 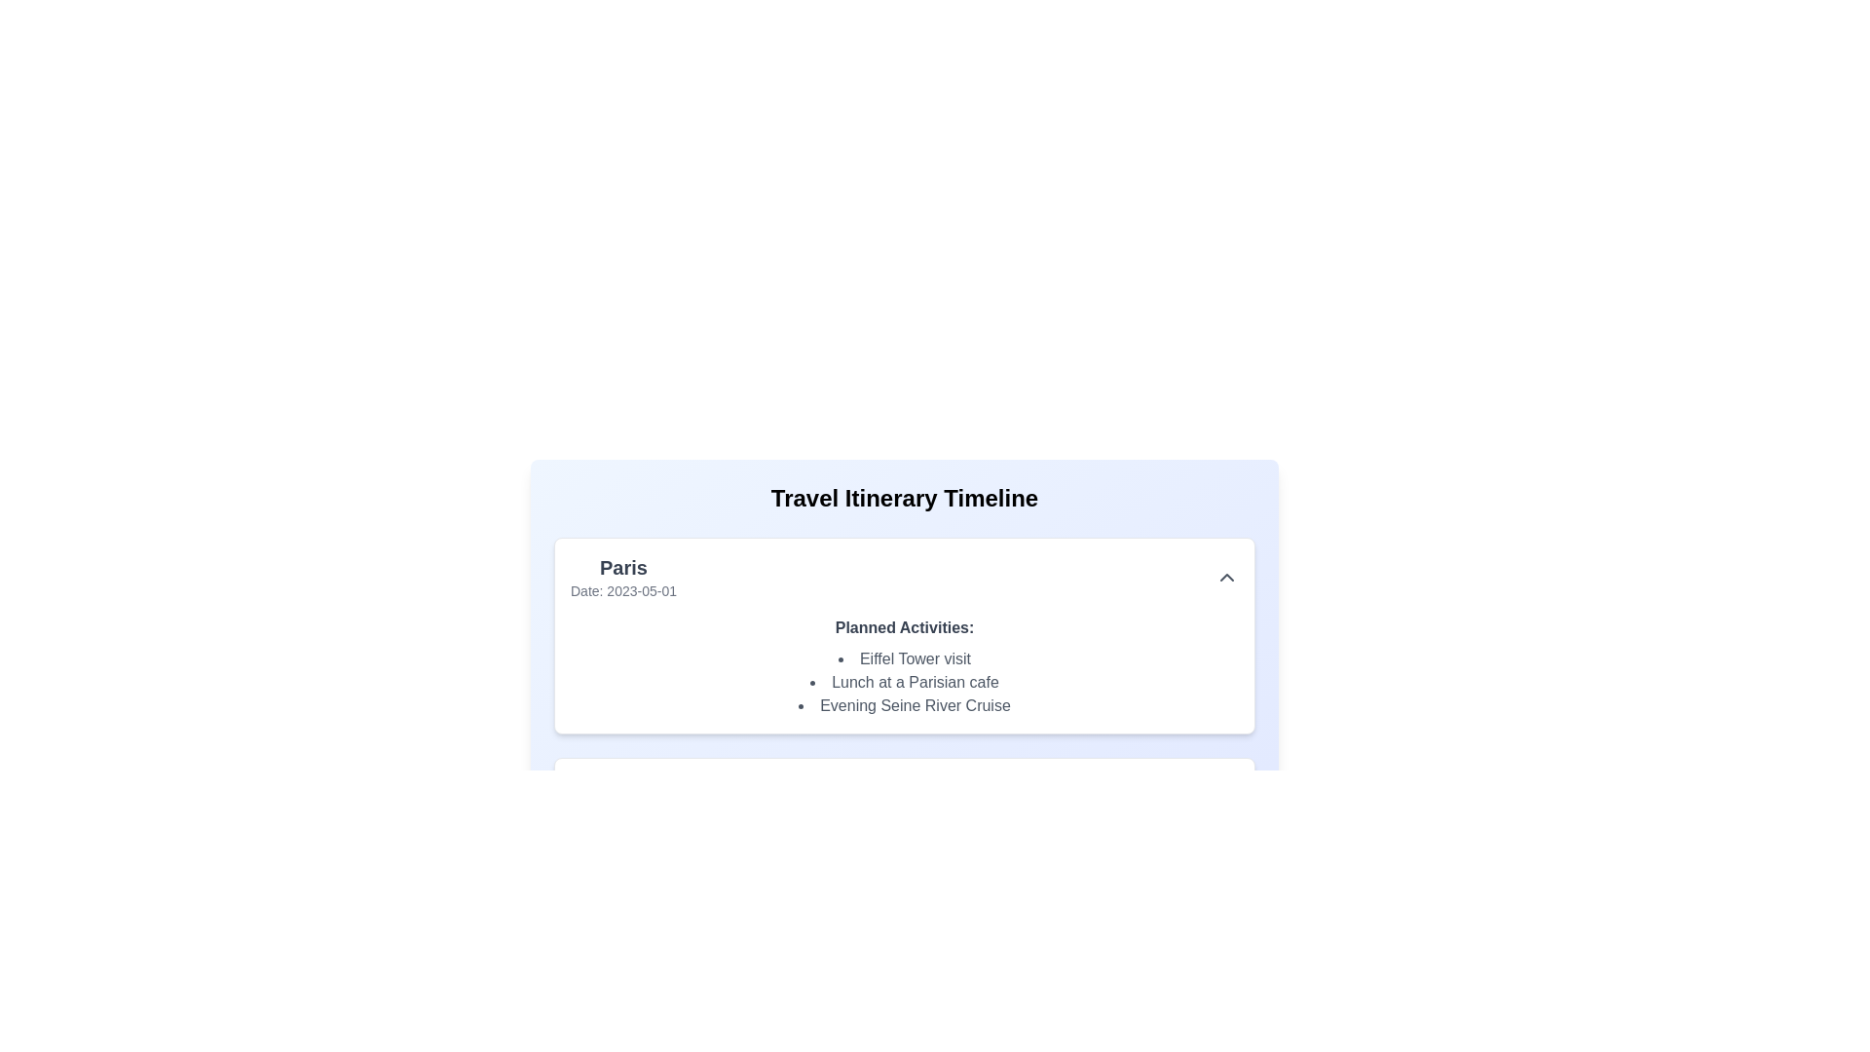 I want to click on the informational block labeled 'Travel Itinerary Timeline' which includes the subsection for 'Paris' and its planned activities, so click(x=904, y=712).